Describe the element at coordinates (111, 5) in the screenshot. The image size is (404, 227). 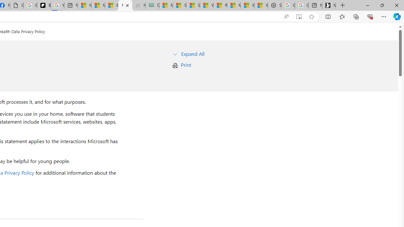
I see `'Entertainment - MSN'` at that location.